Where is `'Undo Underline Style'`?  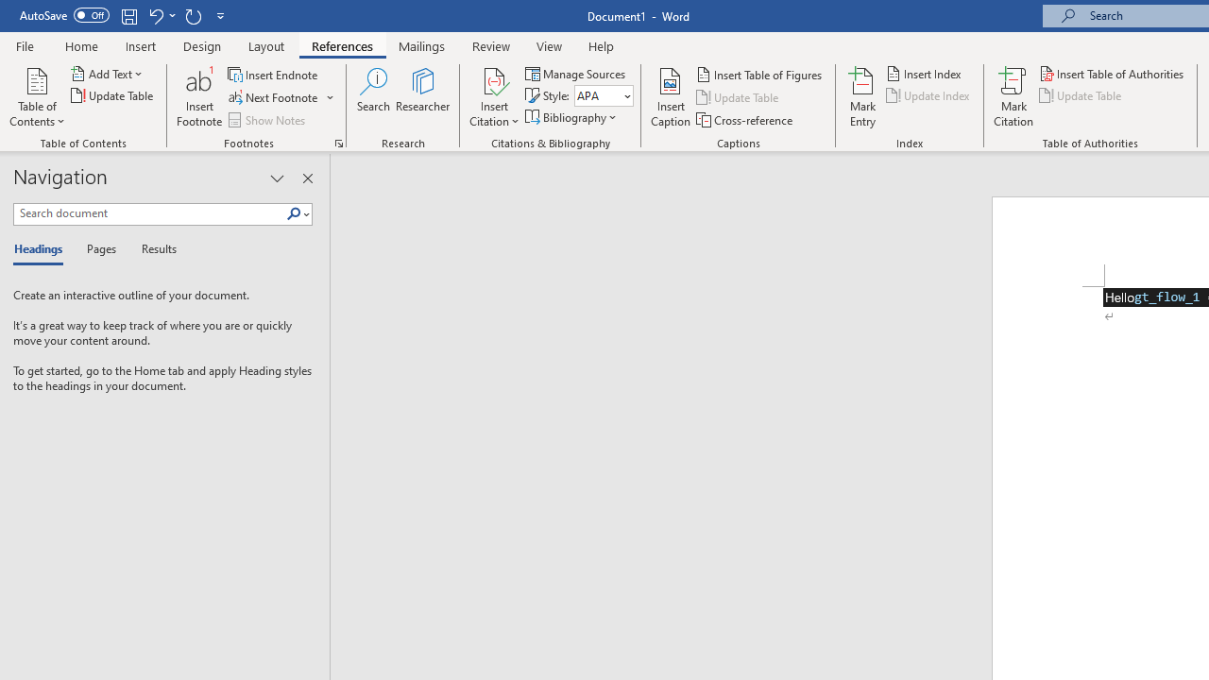 'Undo Underline Style' is located at coordinates (155, 15).